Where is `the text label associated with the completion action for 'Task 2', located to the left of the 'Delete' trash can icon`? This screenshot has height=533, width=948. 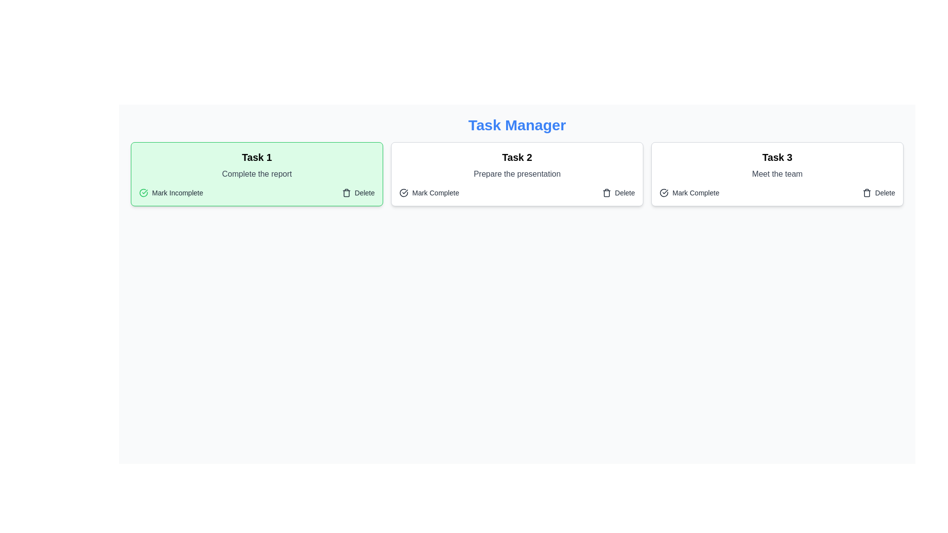 the text label associated with the completion action for 'Task 2', located to the left of the 'Delete' trash can icon is located at coordinates (435, 192).